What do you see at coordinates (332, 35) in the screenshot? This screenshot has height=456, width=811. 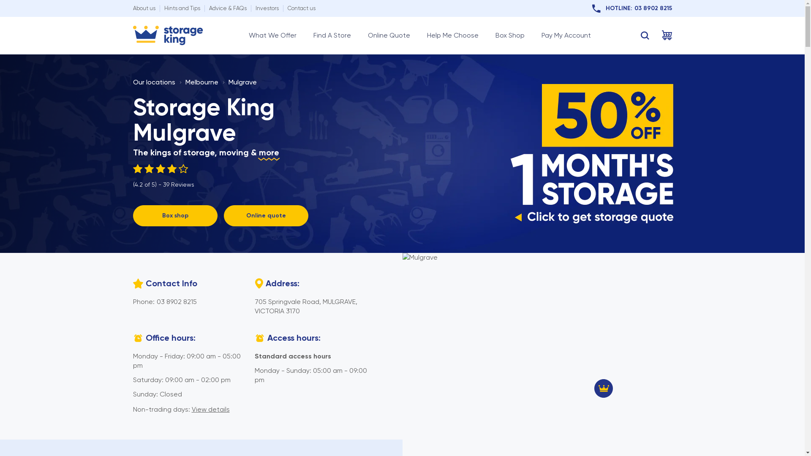 I see `'Find A Store'` at bounding box center [332, 35].